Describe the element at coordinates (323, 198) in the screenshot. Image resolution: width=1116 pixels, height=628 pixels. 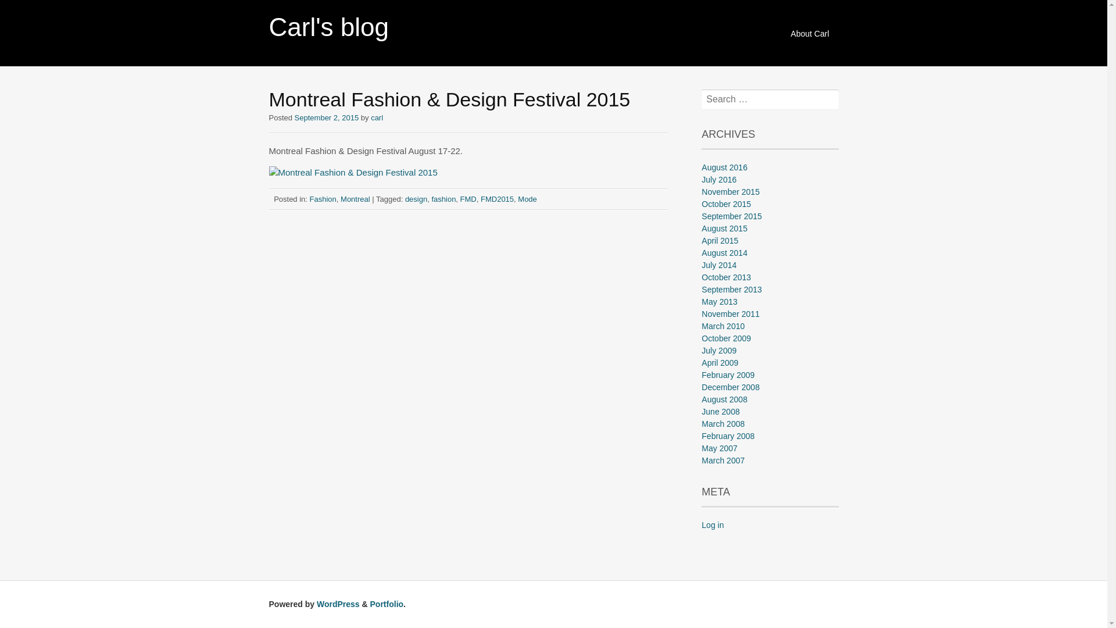
I see `'Fashion'` at that location.